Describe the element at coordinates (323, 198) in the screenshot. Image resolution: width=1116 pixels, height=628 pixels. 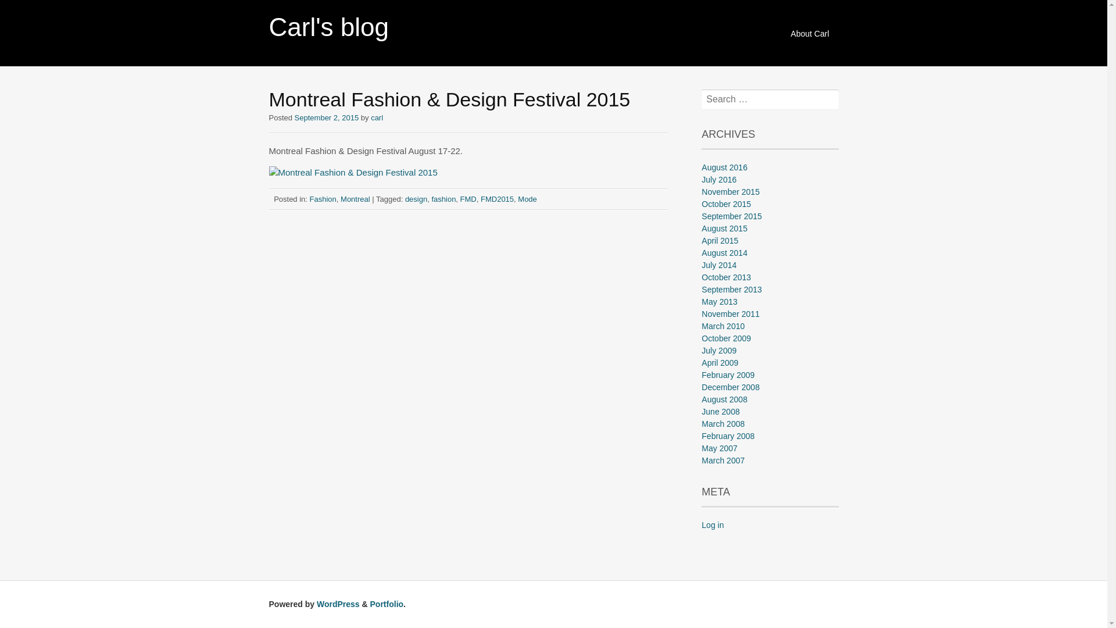
I see `'Fashion'` at that location.